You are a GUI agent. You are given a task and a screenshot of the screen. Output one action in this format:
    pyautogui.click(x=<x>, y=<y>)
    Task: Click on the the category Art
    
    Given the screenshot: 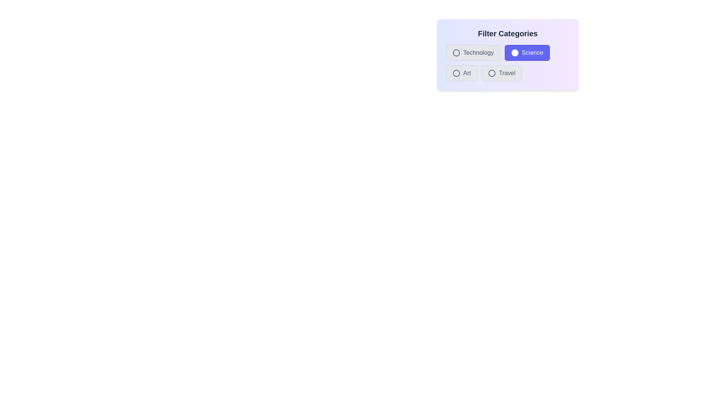 What is the action you would take?
    pyautogui.click(x=456, y=73)
    